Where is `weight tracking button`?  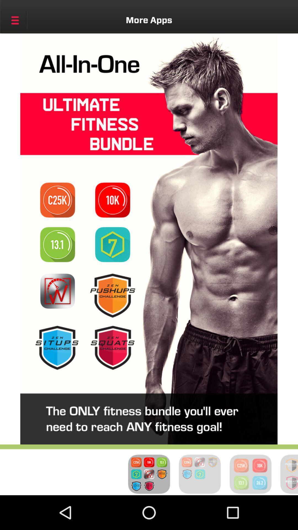
weight tracking button is located at coordinates (57, 291).